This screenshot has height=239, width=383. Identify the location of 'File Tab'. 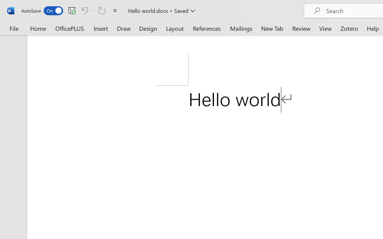
(14, 28).